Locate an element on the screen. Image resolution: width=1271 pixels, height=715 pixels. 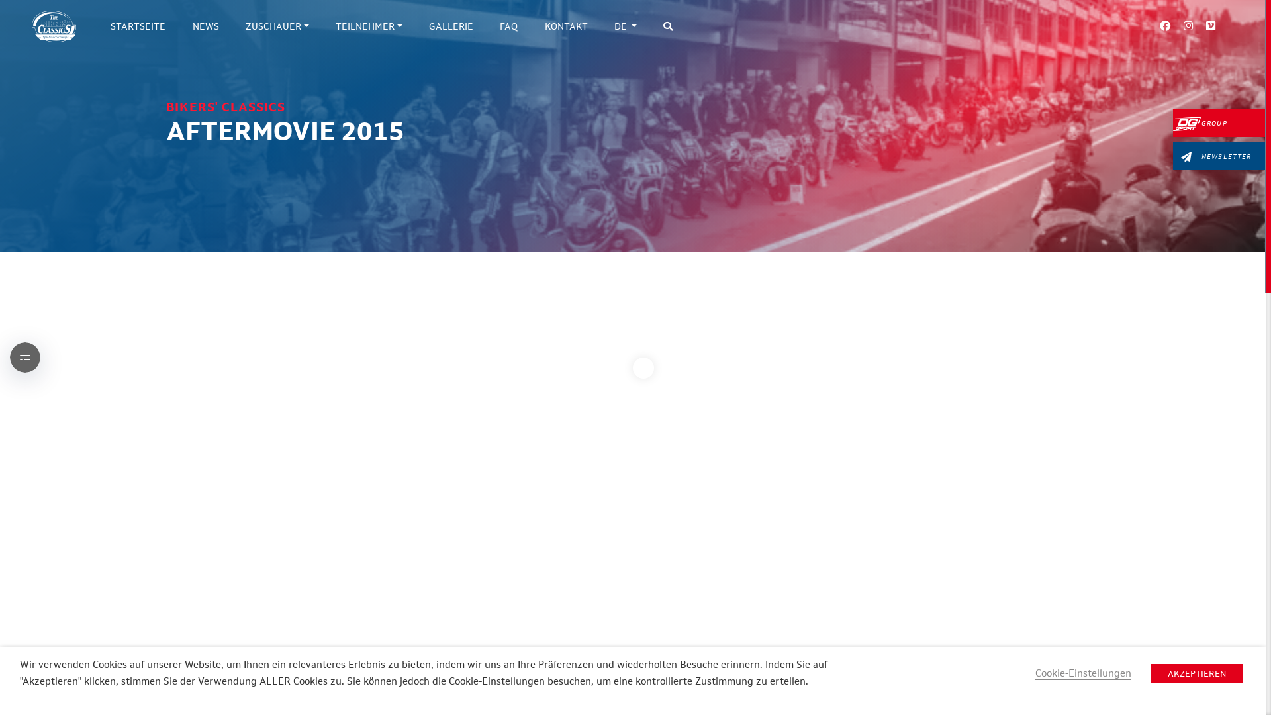
'NEWS' is located at coordinates (177, 26).